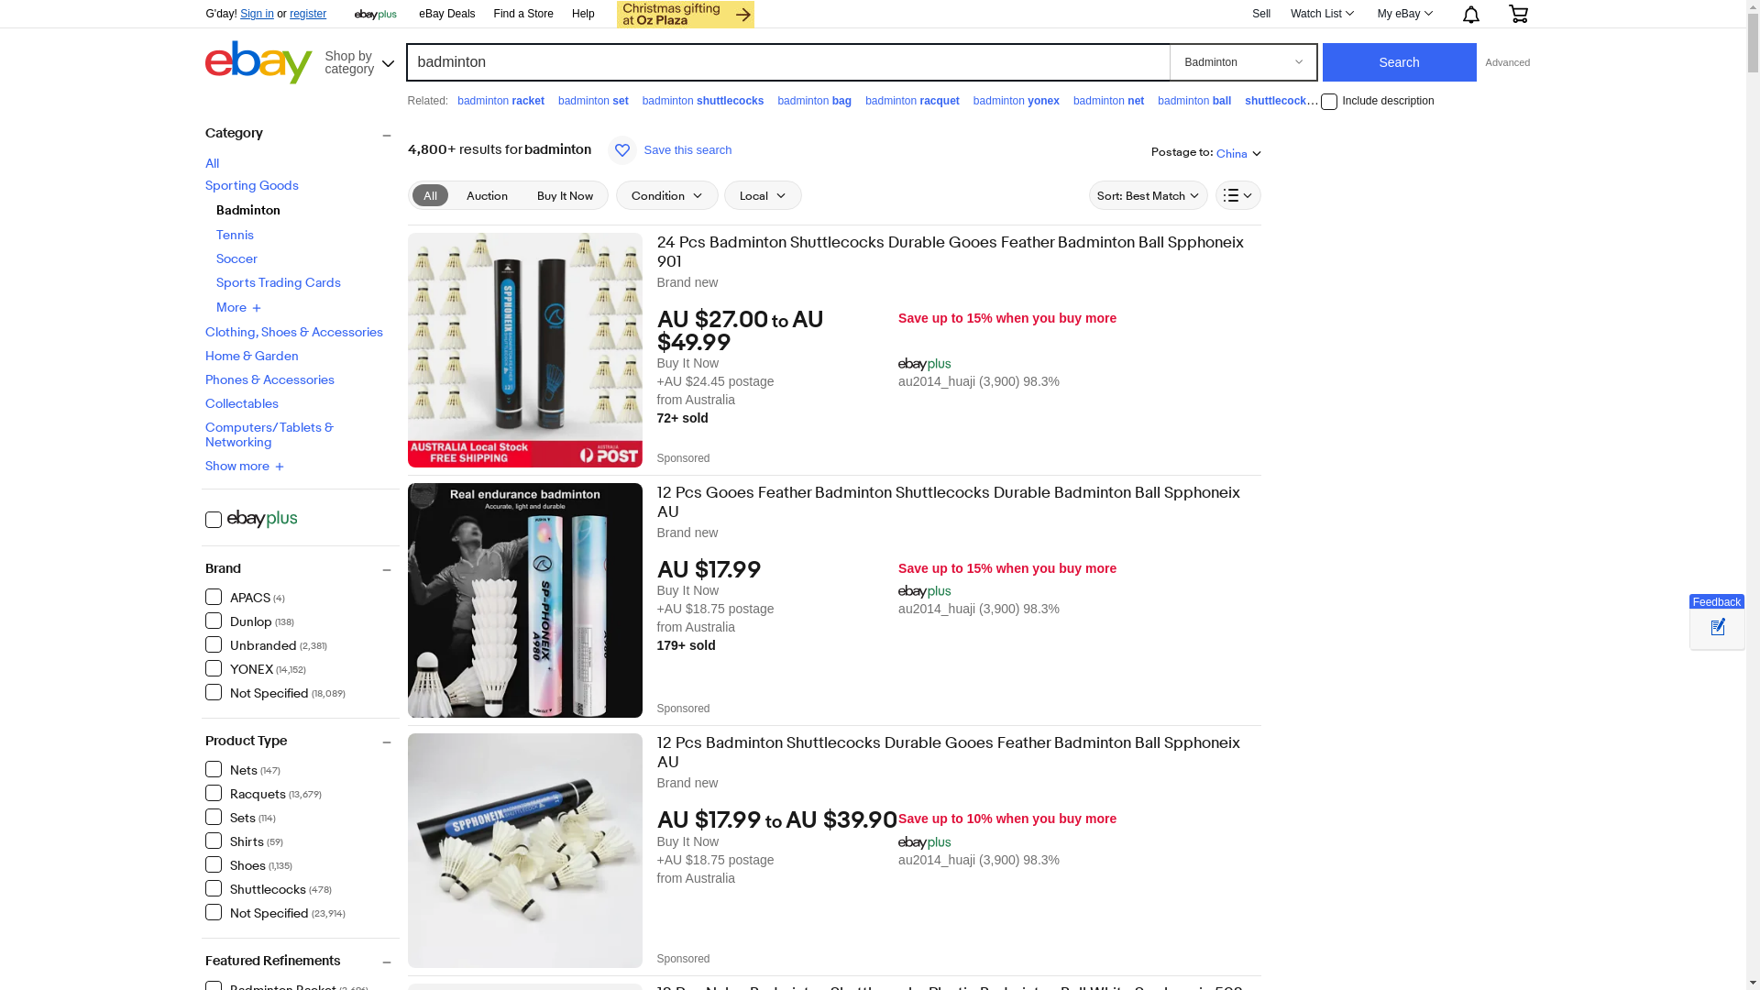 Image resolution: width=1760 pixels, height=990 pixels. Describe the element at coordinates (446, 14) in the screenshot. I see `'eBay Deals'` at that location.